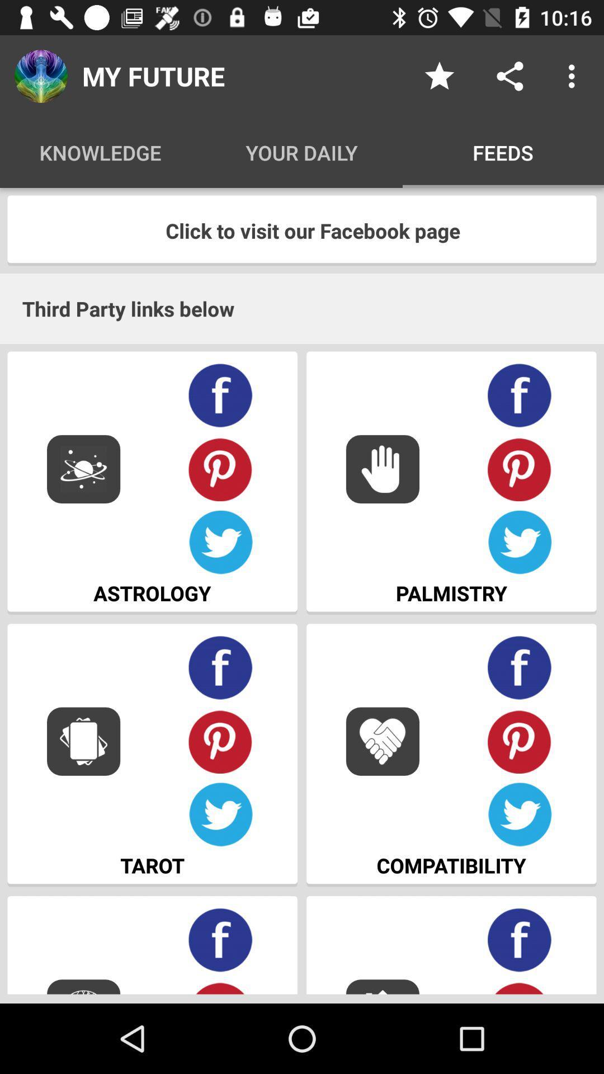 This screenshot has width=604, height=1074. What do you see at coordinates (520, 543) in the screenshot?
I see `share to twitter` at bounding box center [520, 543].